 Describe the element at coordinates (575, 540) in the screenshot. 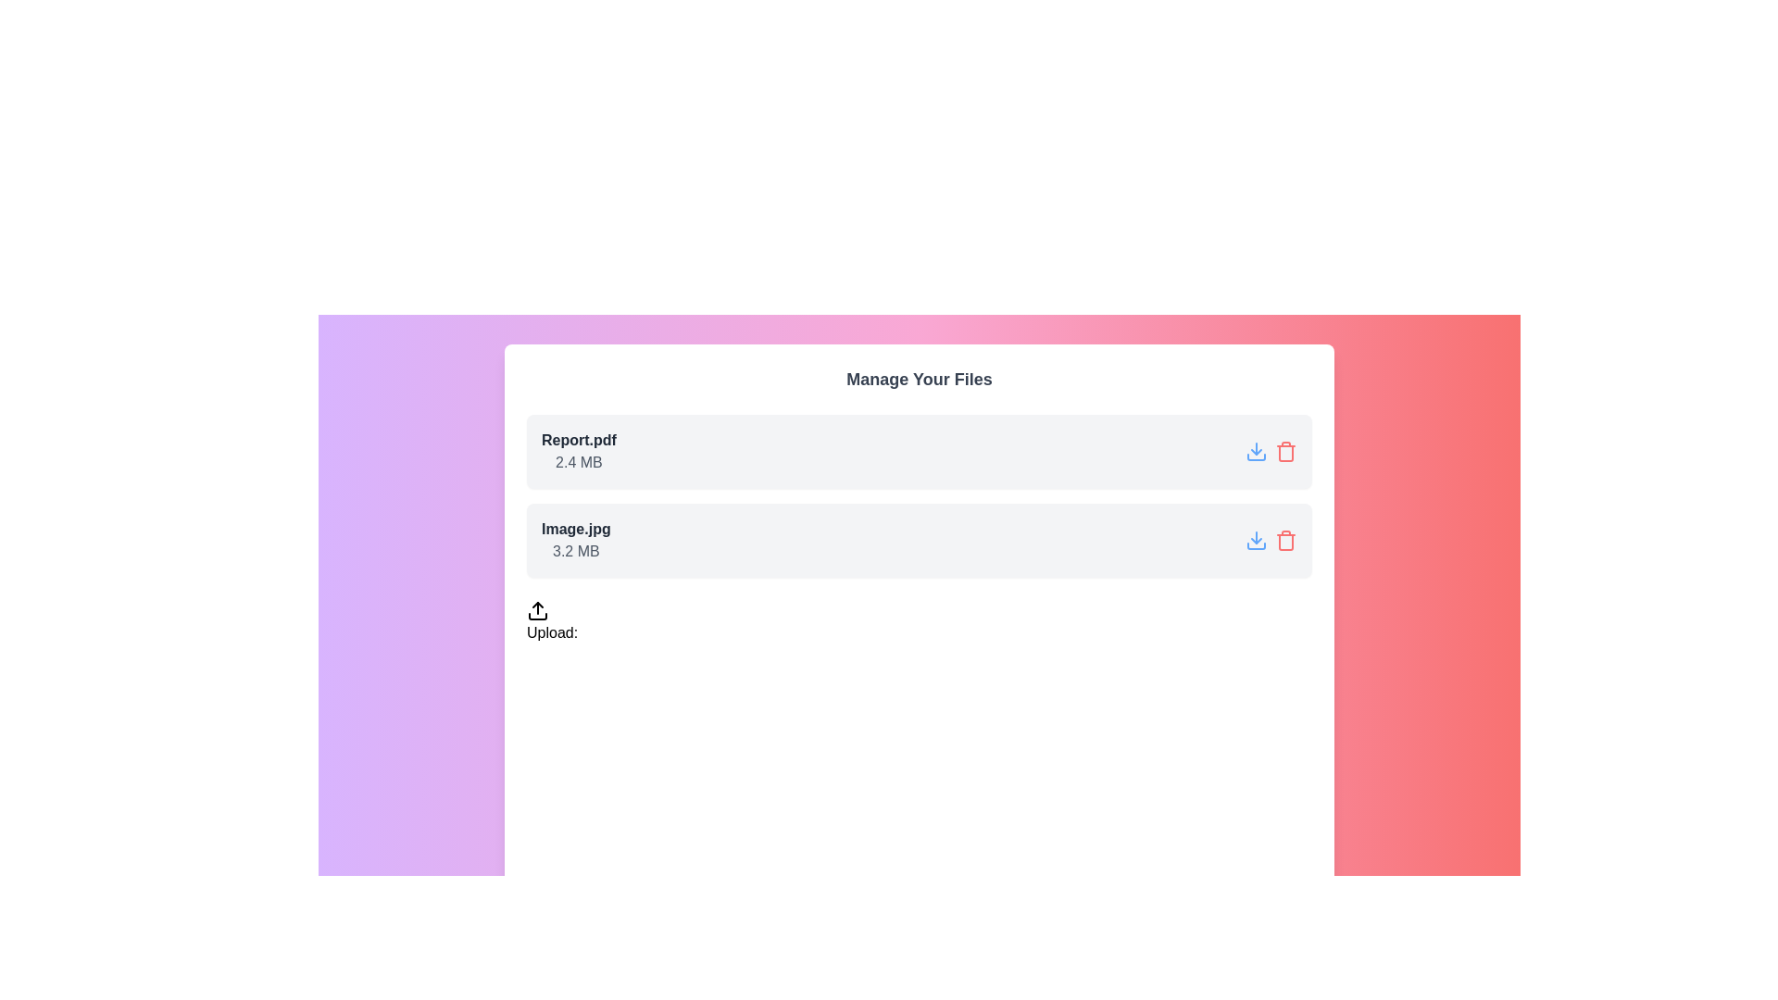

I see `the text display element showing 'Image.jpg' and '3.2 MB'` at that location.